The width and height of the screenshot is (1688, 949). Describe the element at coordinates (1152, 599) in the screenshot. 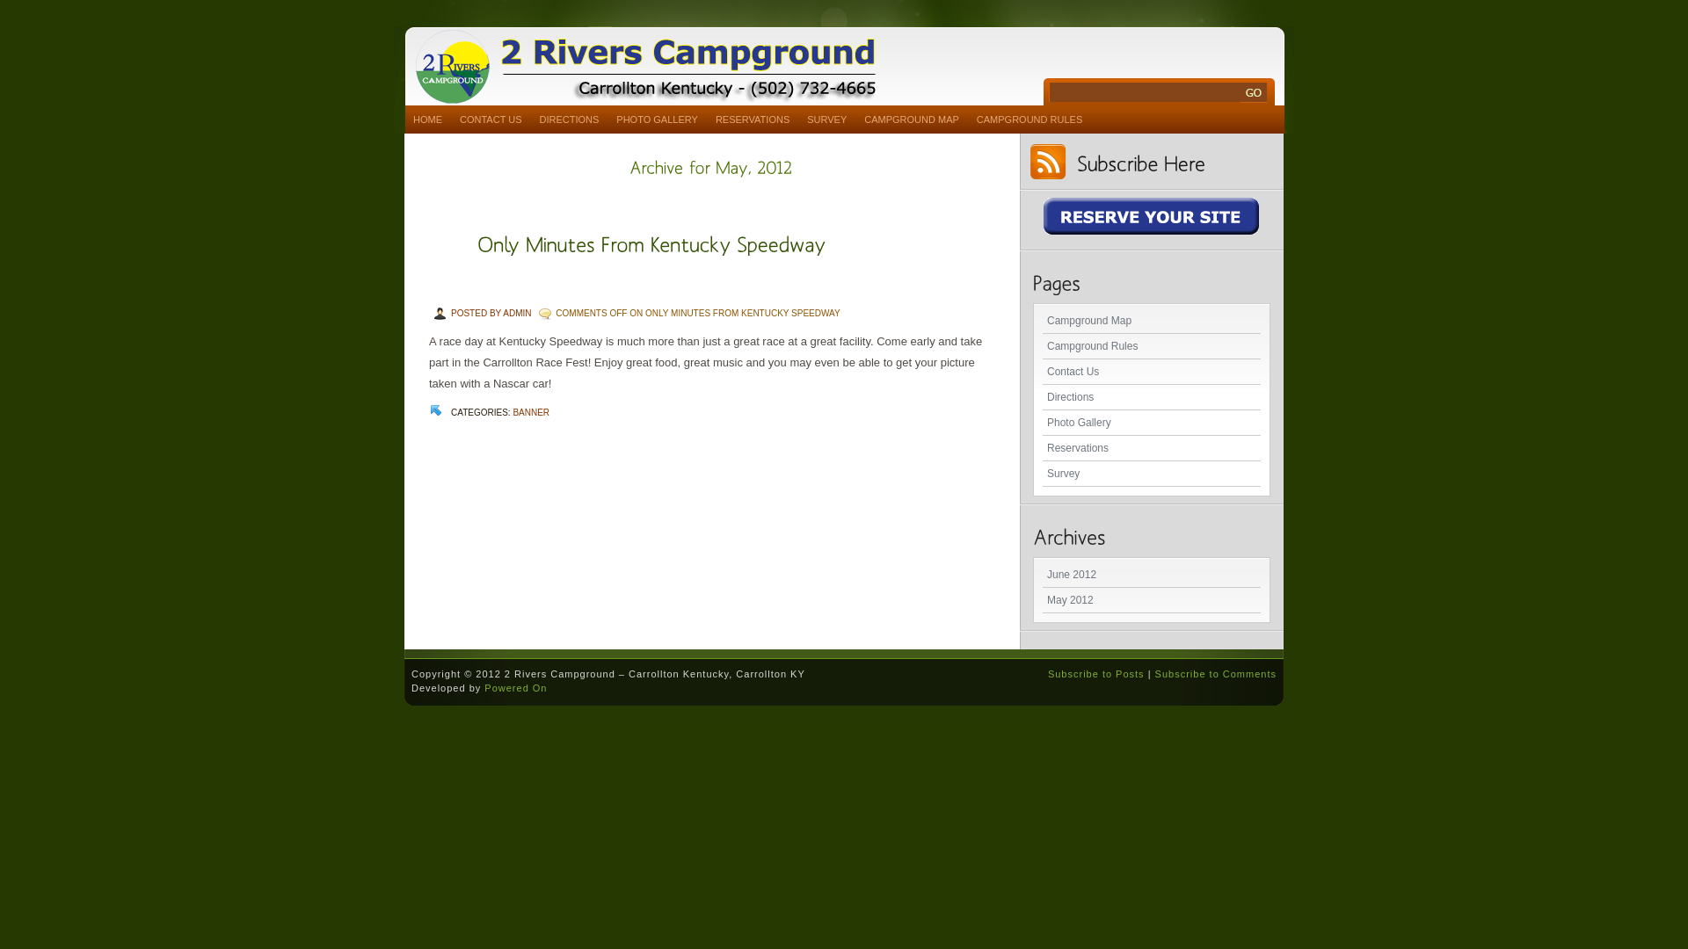

I see `'May 2012'` at that location.